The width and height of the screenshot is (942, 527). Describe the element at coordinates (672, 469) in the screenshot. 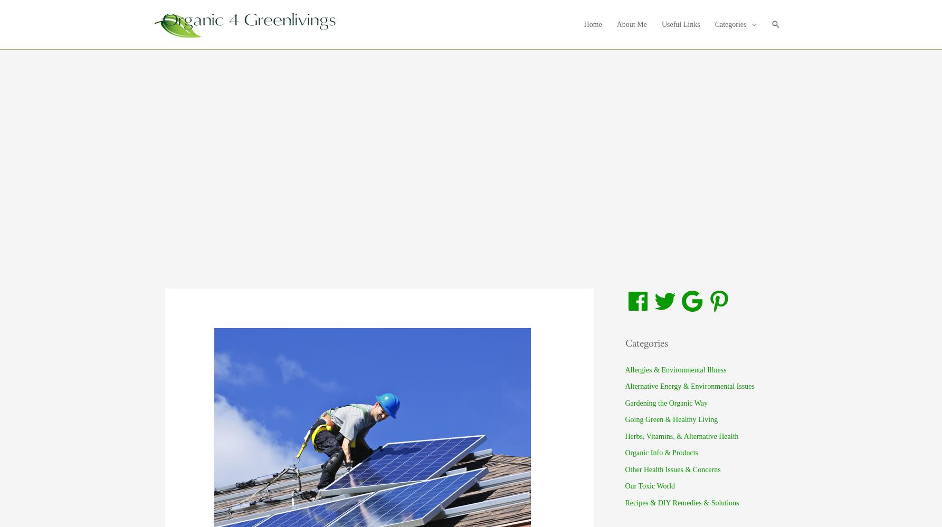

I see `'Other Health Issues & Concerns'` at that location.